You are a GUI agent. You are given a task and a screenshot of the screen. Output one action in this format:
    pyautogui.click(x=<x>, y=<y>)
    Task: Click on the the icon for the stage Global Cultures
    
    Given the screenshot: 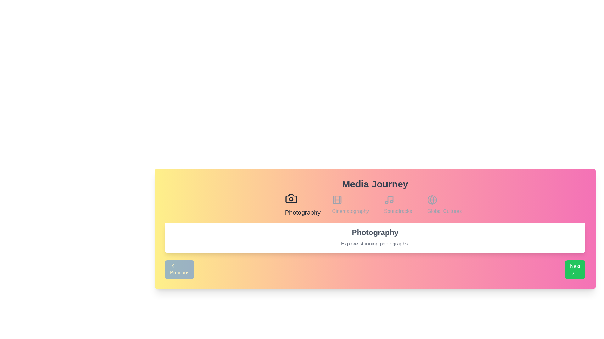 What is the action you would take?
    pyautogui.click(x=444, y=205)
    